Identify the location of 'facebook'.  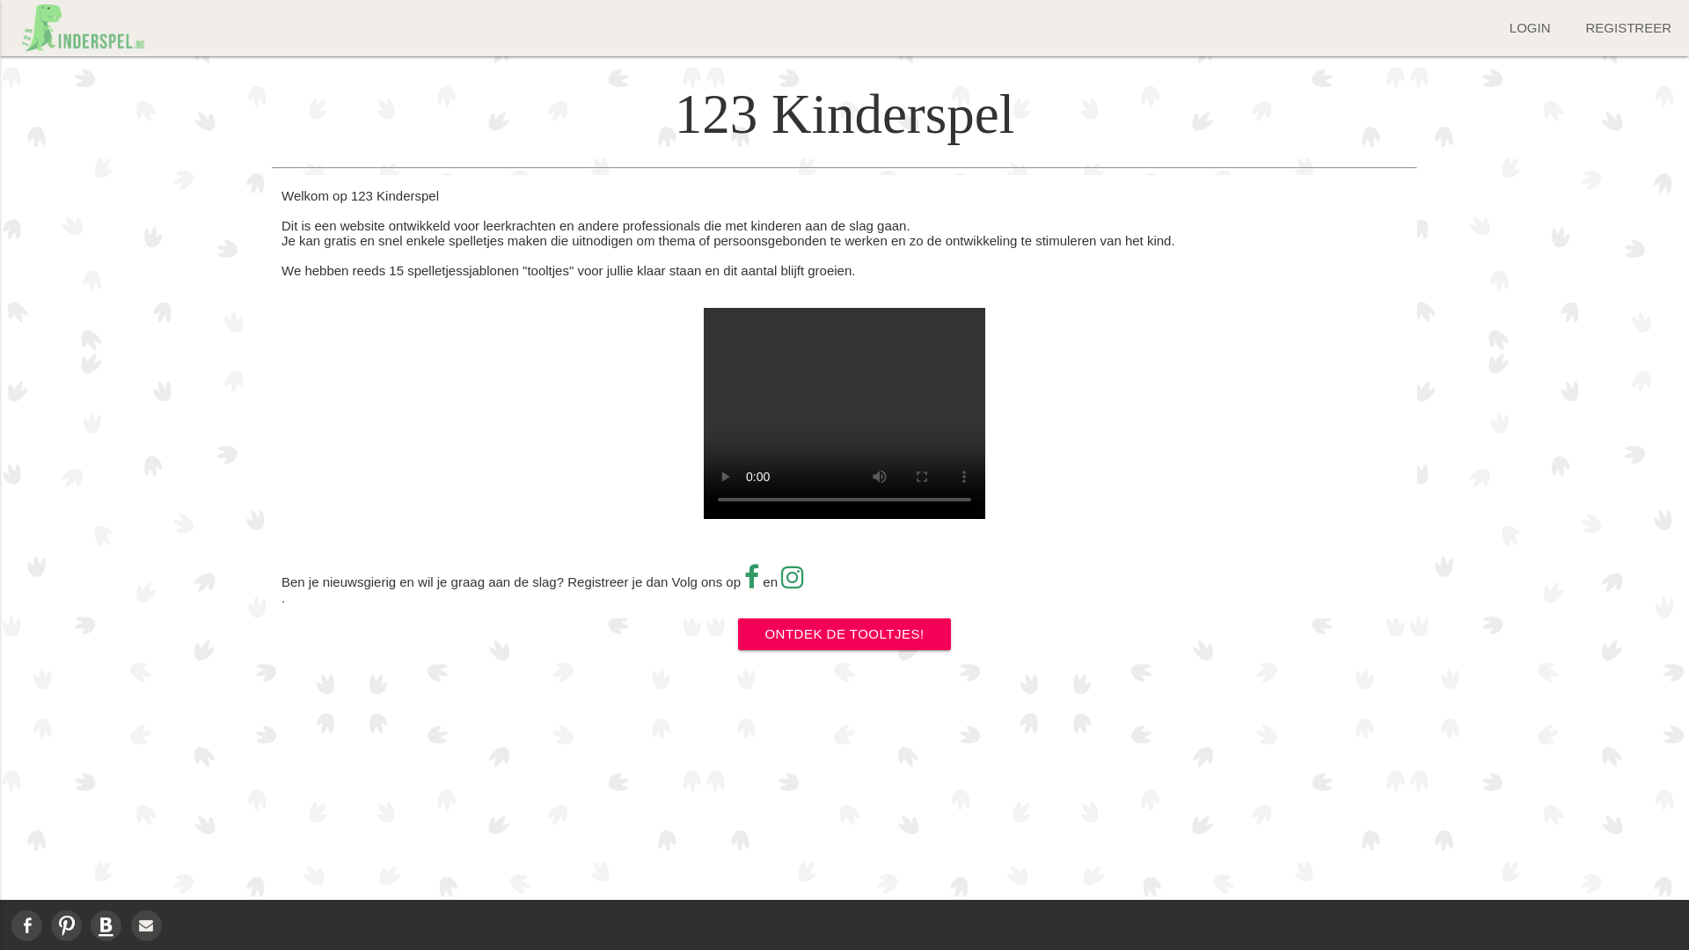
(26, 924).